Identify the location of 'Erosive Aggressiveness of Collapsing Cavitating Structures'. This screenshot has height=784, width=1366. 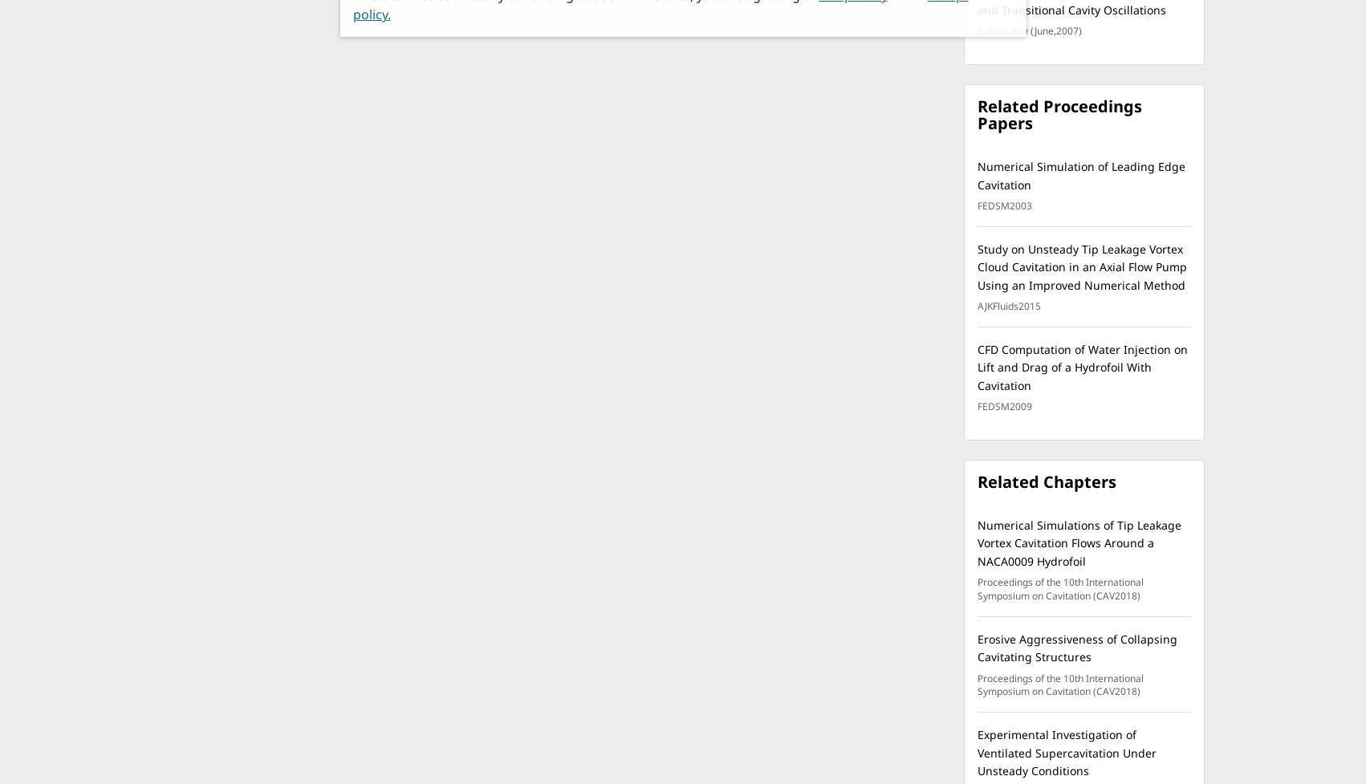
(1076, 648).